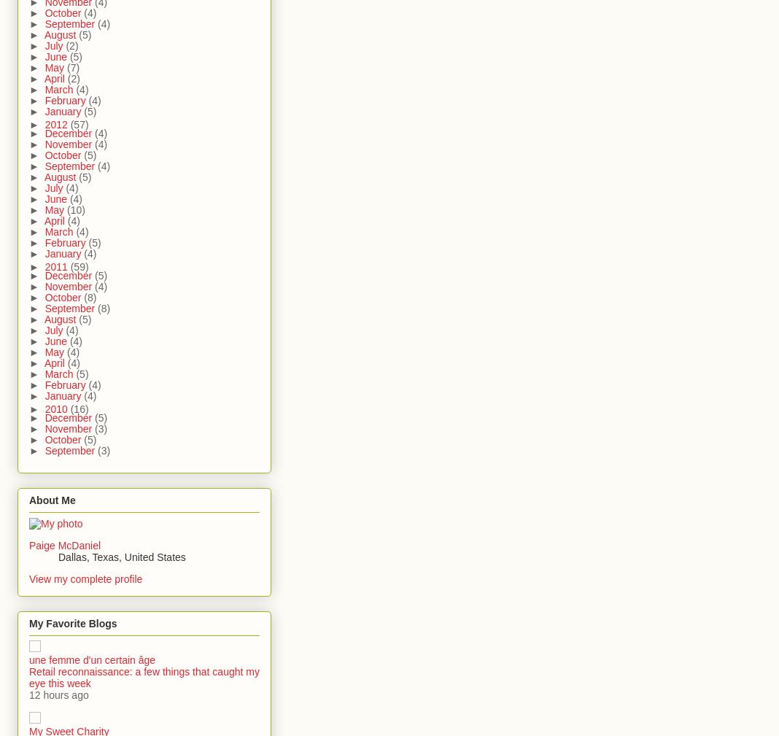 The image size is (779, 736). Describe the element at coordinates (51, 500) in the screenshot. I see `'About Me'` at that location.